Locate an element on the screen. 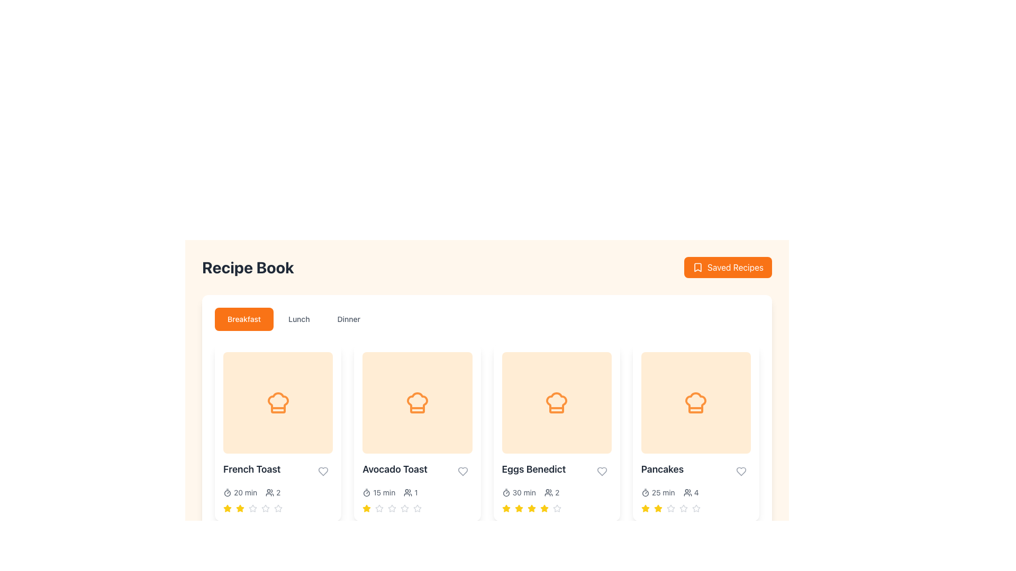 Image resolution: width=1016 pixels, height=571 pixels. the heart-shaped icon located at the bottom-right corner of the 'Pancakes' recipe card to mark this recipe as favorite is located at coordinates (741, 471).